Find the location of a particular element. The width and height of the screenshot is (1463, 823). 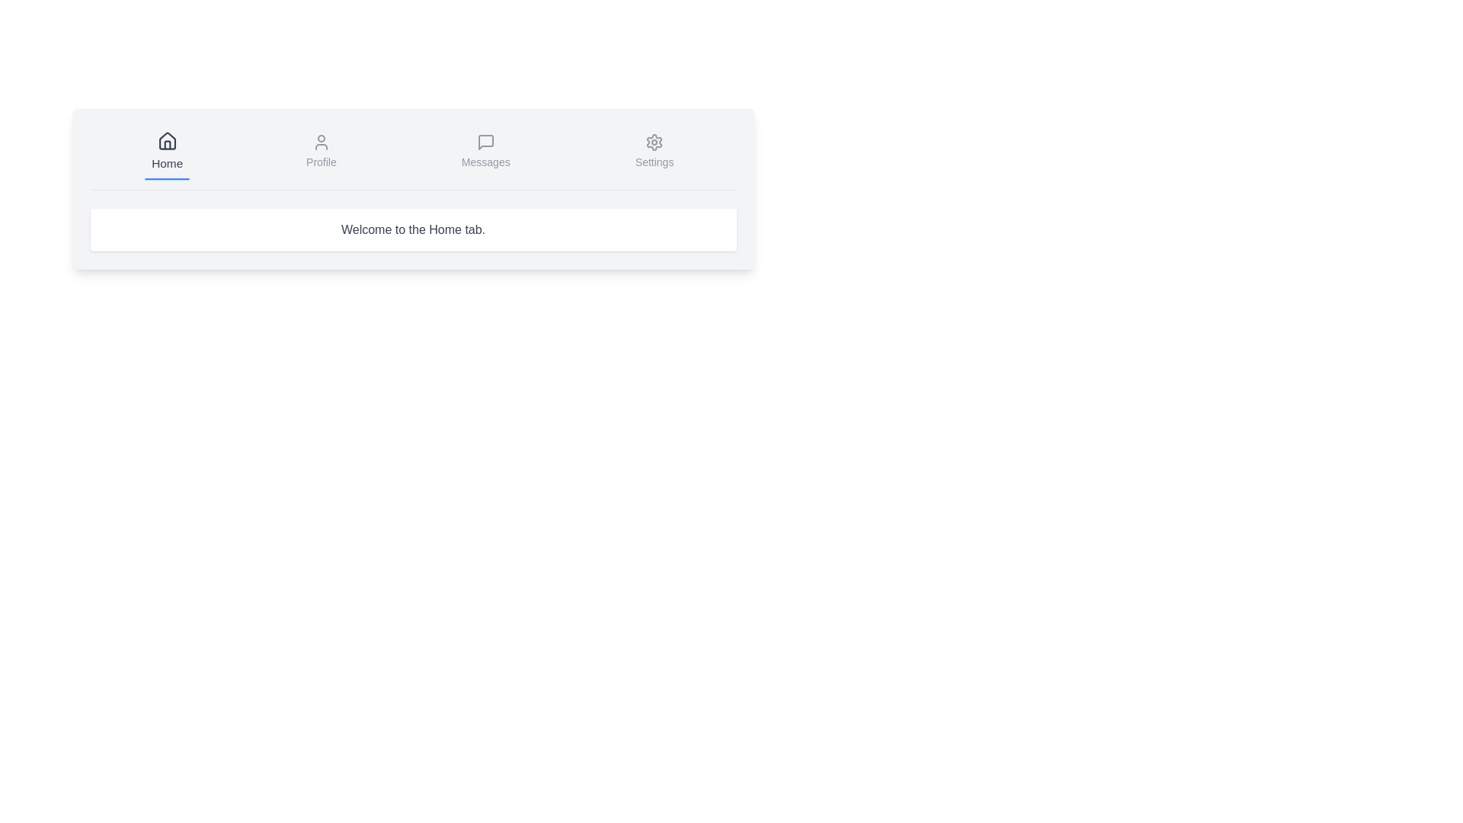

the tab button corresponding to Messages to inspect its icon is located at coordinates (485, 152).